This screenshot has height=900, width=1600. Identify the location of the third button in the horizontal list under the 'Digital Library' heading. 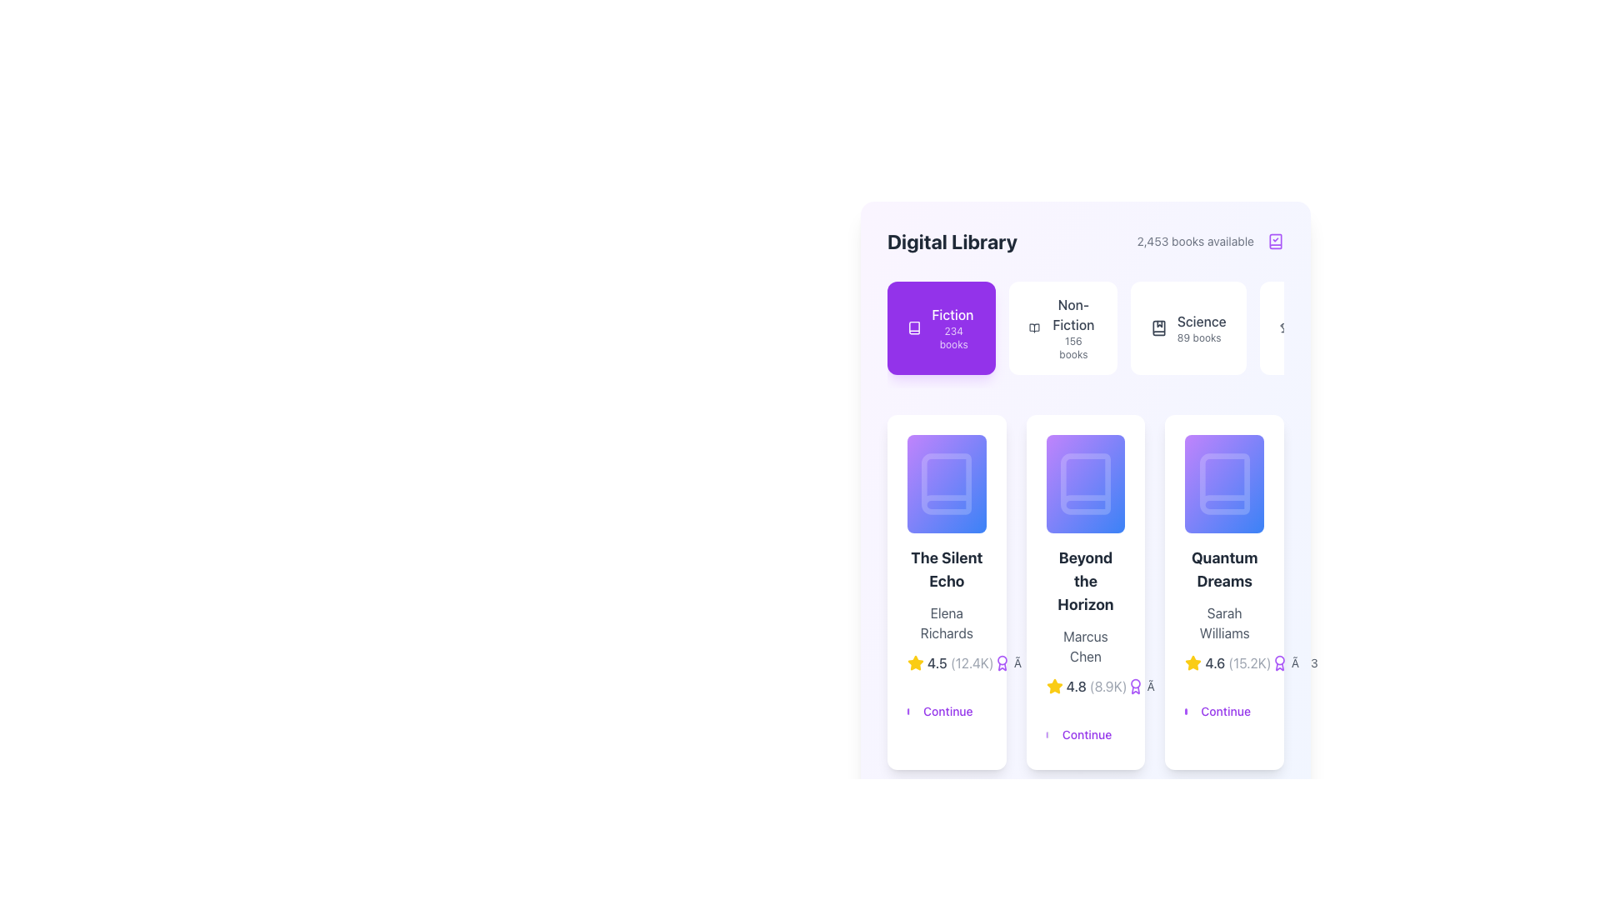
(1187, 327).